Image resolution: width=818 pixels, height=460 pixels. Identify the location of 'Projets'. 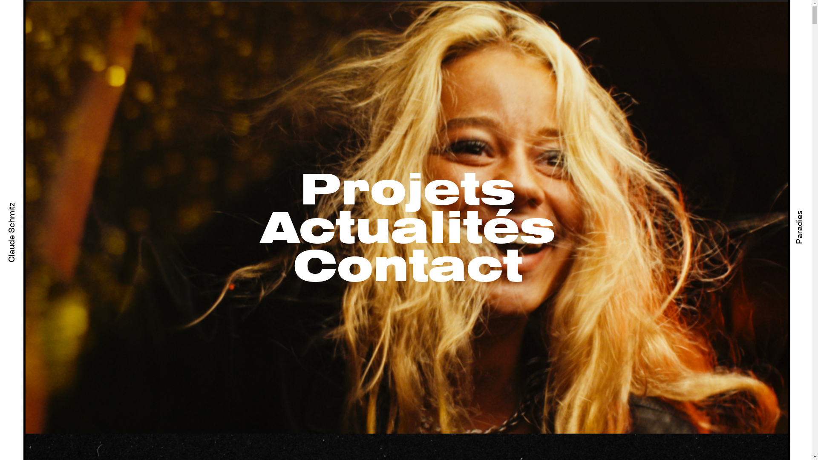
(407, 192).